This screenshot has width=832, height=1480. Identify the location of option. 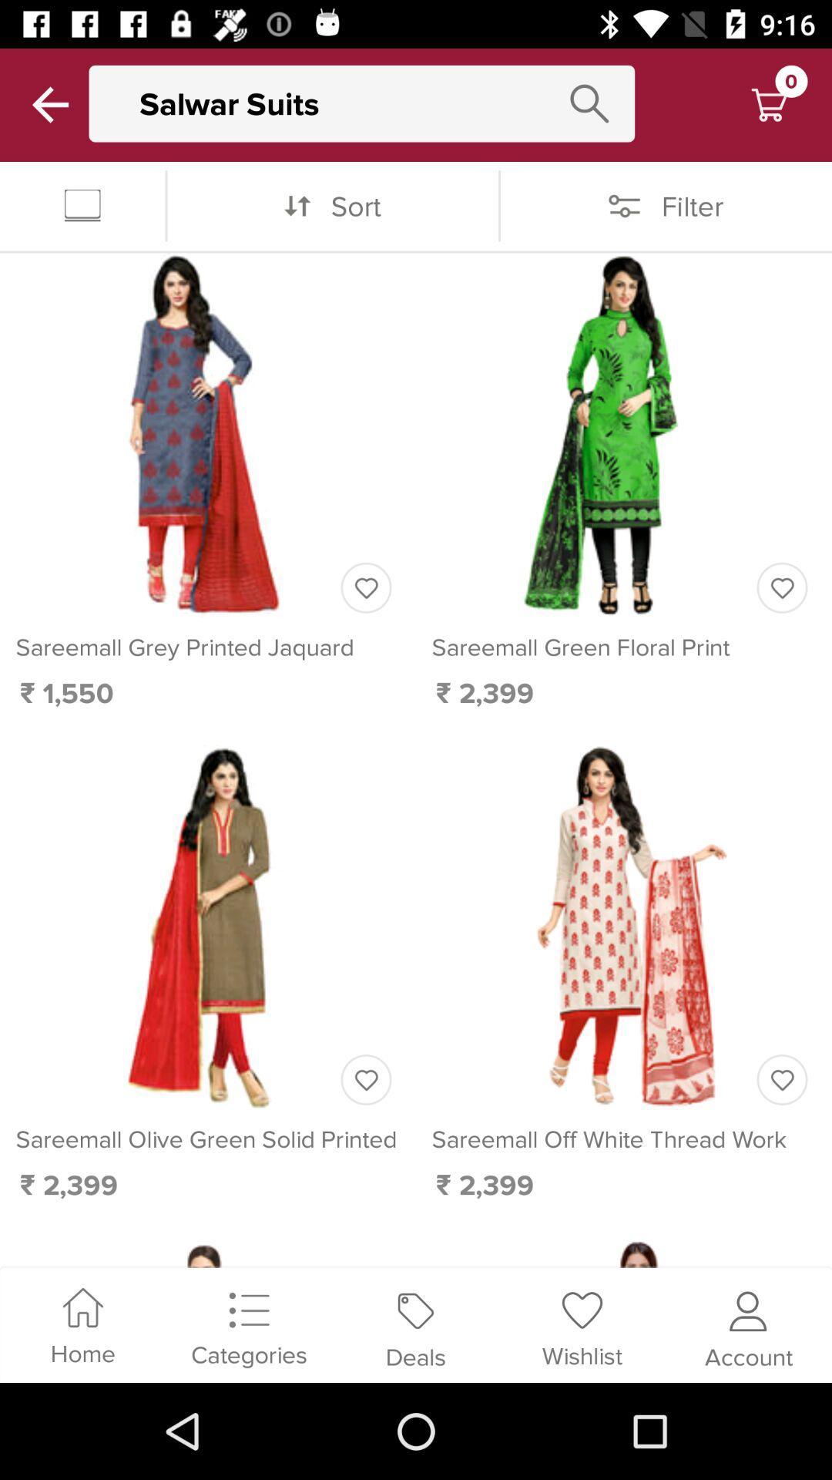
(782, 587).